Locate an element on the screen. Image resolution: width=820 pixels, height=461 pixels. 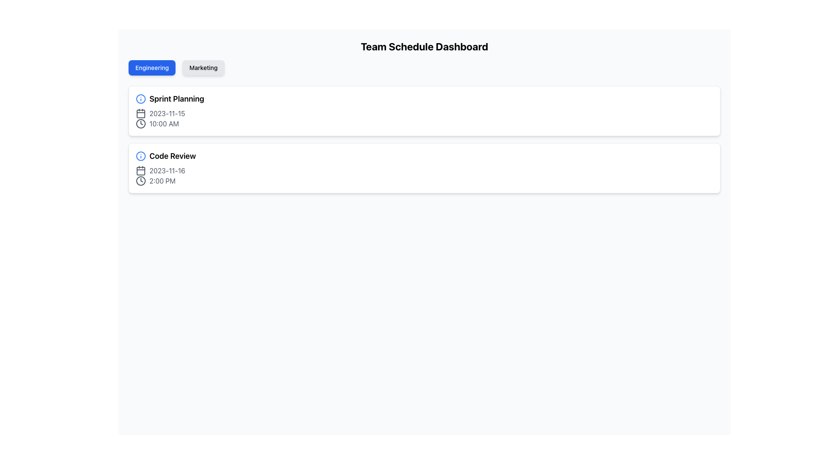
the calendar icon located in the second event block labeled 'Code Review', which is positioned to the left of the date '2023-11-16' is located at coordinates (141, 171).